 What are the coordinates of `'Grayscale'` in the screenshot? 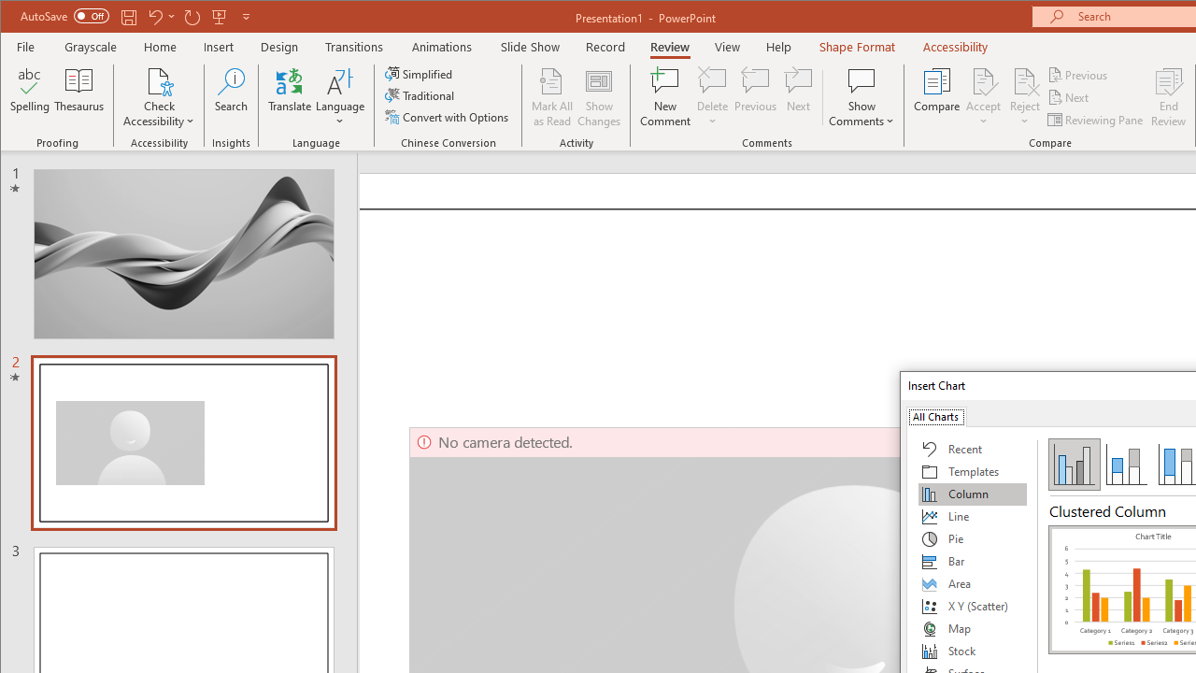 It's located at (90, 46).